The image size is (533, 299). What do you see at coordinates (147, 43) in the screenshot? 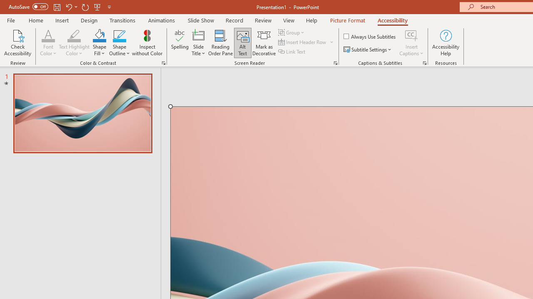
I see `'Inspect without Color'` at bounding box center [147, 43].